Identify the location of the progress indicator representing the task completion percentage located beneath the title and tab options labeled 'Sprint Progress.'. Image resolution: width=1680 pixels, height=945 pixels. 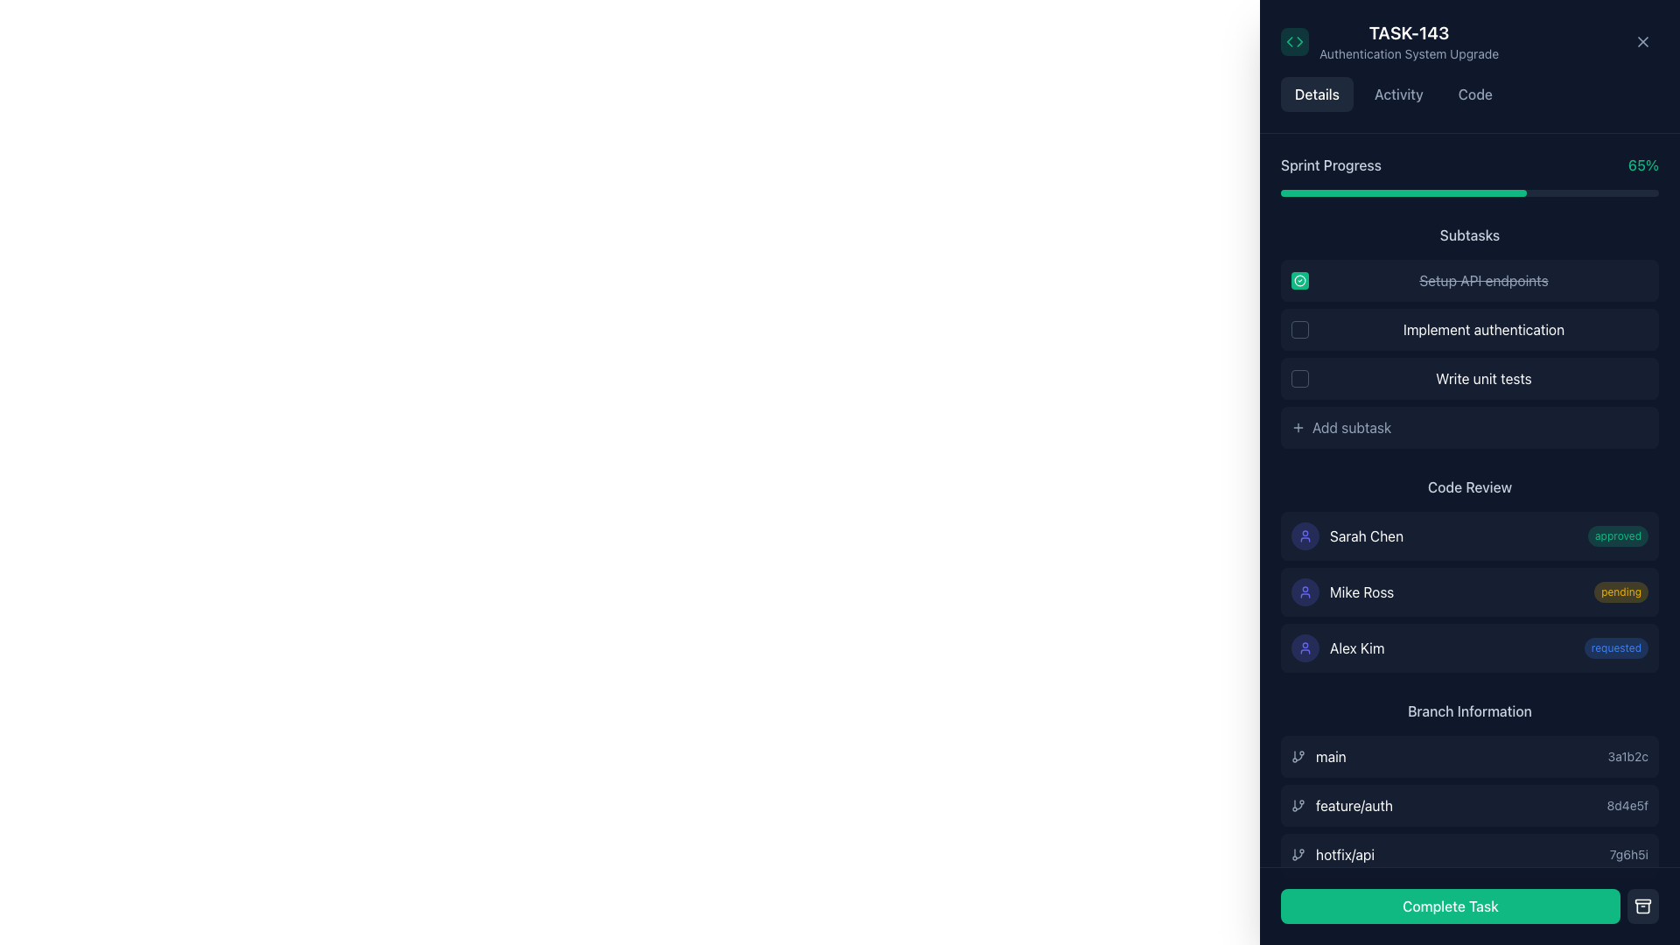
(1403, 192).